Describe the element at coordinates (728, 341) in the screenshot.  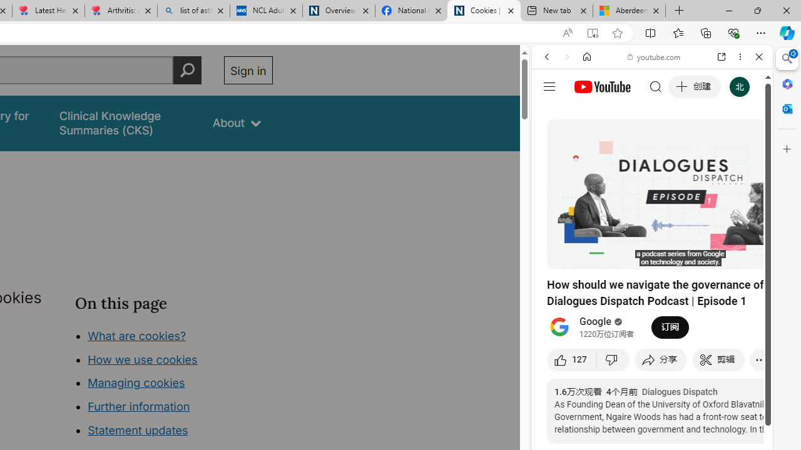
I see `'Show More Music'` at that location.